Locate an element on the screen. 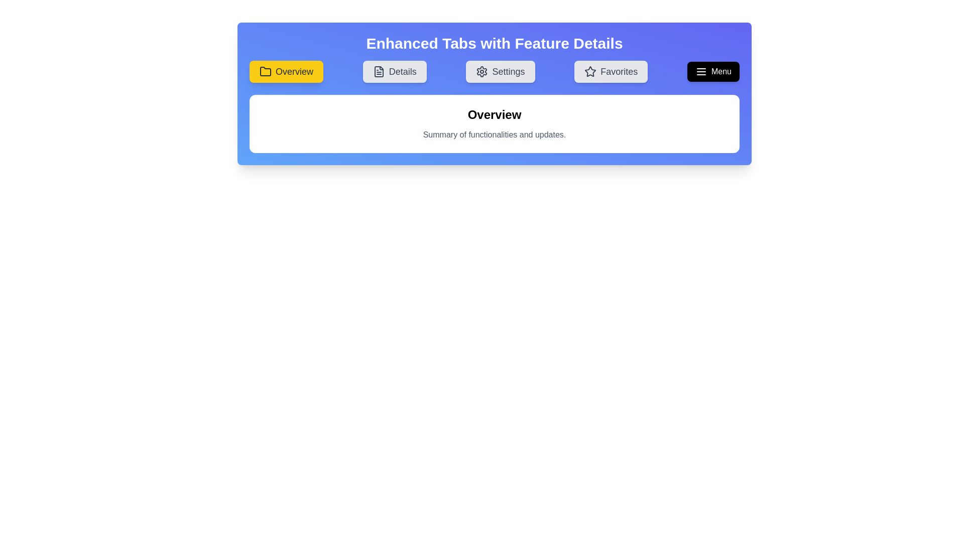 The width and height of the screenshot is (964, 542). the 'Overview' button containing the folder icon, which is represented as an SVG graphic with a dark stroke color on a yellow background is located at coordinates (265, 71).